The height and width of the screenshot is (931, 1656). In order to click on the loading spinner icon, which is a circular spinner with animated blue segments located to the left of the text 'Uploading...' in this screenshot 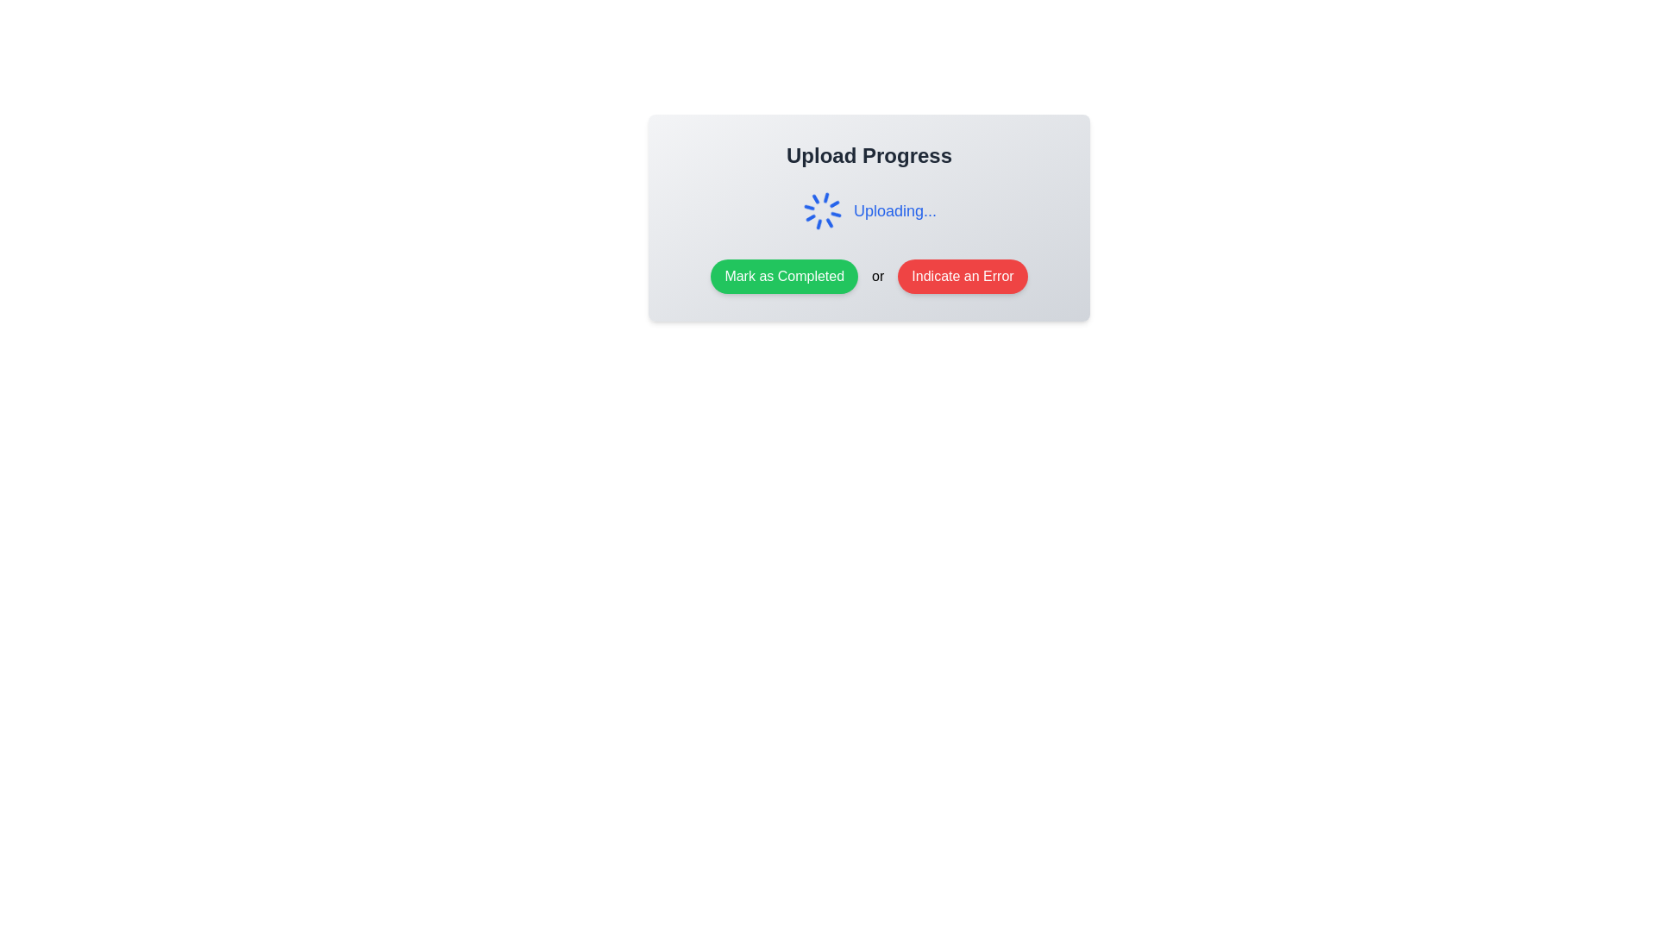, I will do `click(821, 210)`.